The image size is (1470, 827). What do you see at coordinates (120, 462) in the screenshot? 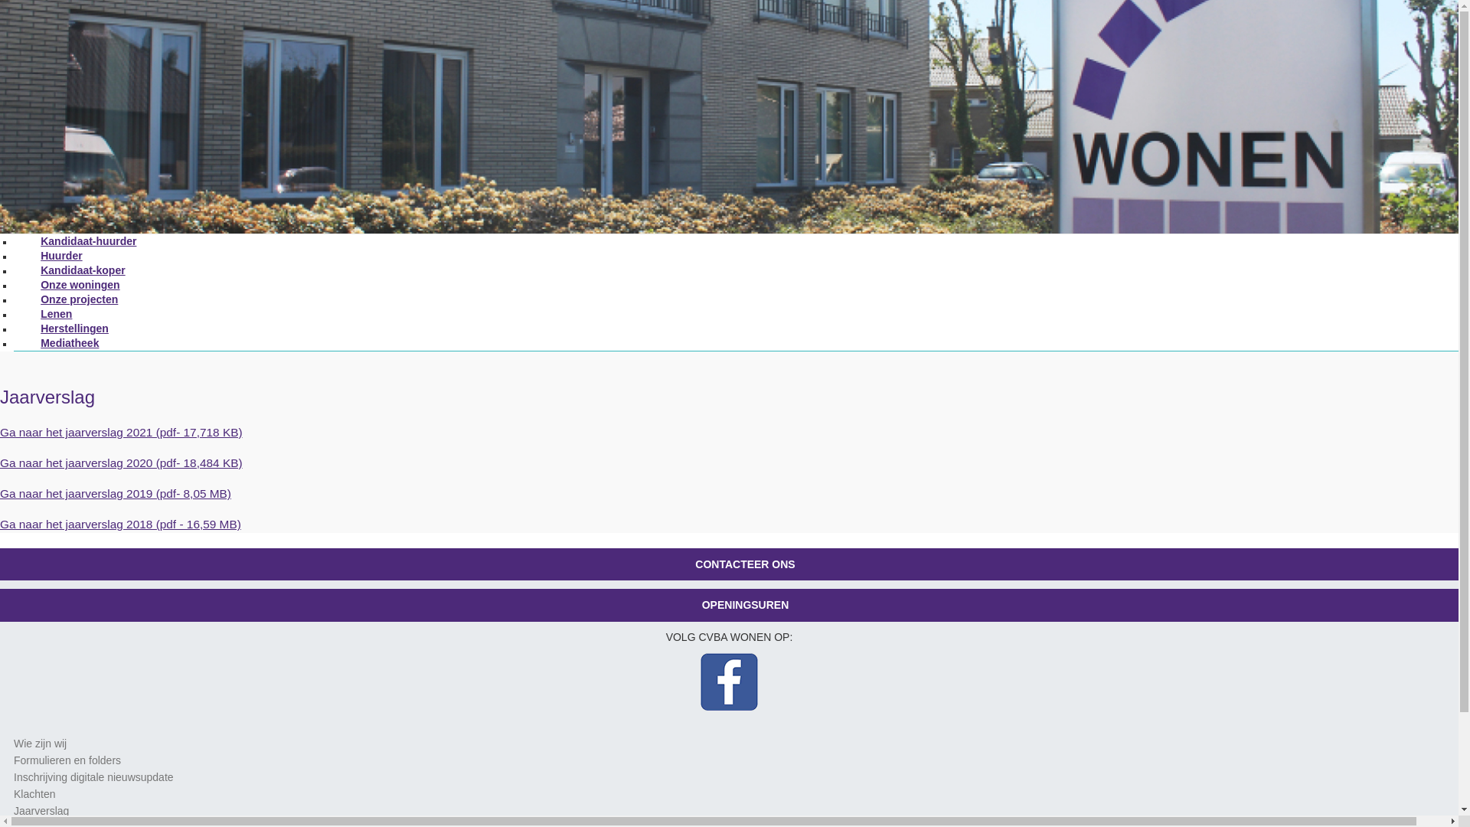
I see `'Ga naar het jaarverslag 2020 (pdf- 18,484 KB)'` at bounding box center [120, 462].